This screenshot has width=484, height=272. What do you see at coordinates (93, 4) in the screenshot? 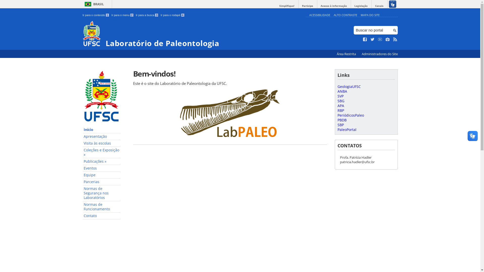
I see `'BRASIL'` at bounding box center [93, 4].